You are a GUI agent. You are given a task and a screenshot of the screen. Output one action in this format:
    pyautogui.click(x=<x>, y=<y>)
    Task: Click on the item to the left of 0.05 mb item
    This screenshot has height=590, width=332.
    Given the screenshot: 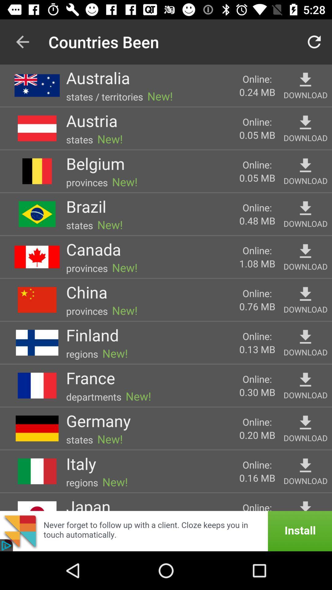 What is the action you would take?
    pyautogui.click(x=92, y=120)
    